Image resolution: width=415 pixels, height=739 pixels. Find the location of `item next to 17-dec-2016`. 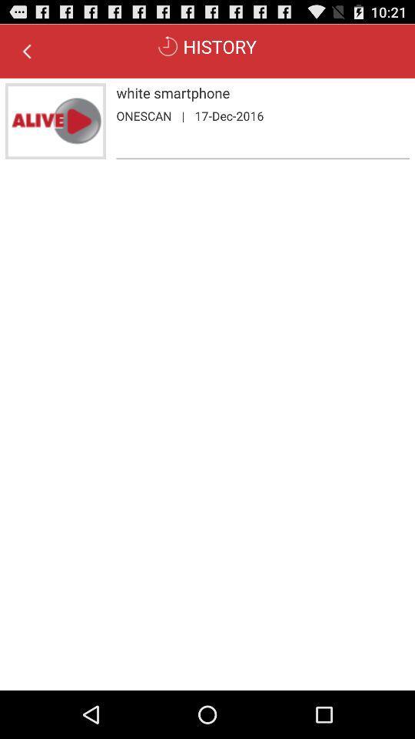

item next to 17-dec-2016 is located at coordinates (183, 115).